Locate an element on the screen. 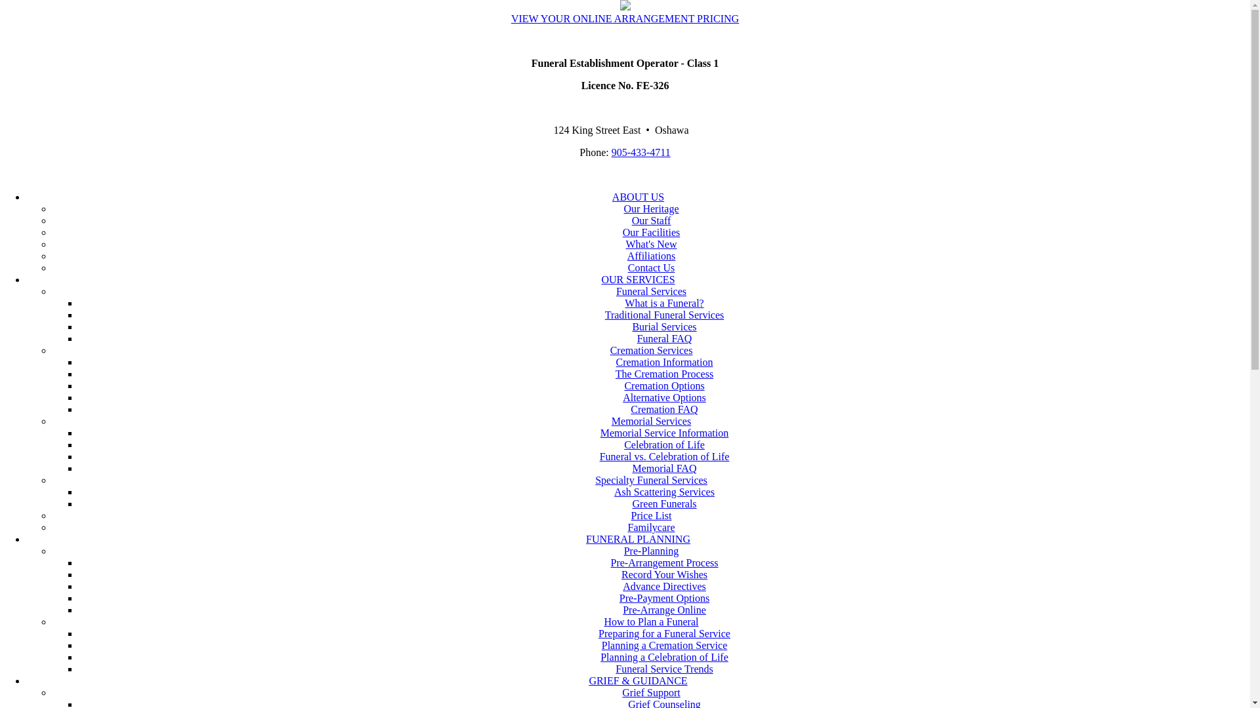 This screenshot has width=1260, height=708. 'Our Staff' is located at coordinates (652, 220).